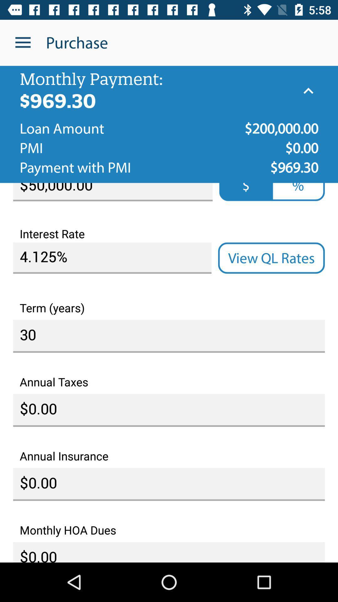 This screenshot has width=338, height=602. I want to click on the view ql rates, so click(271, 258).